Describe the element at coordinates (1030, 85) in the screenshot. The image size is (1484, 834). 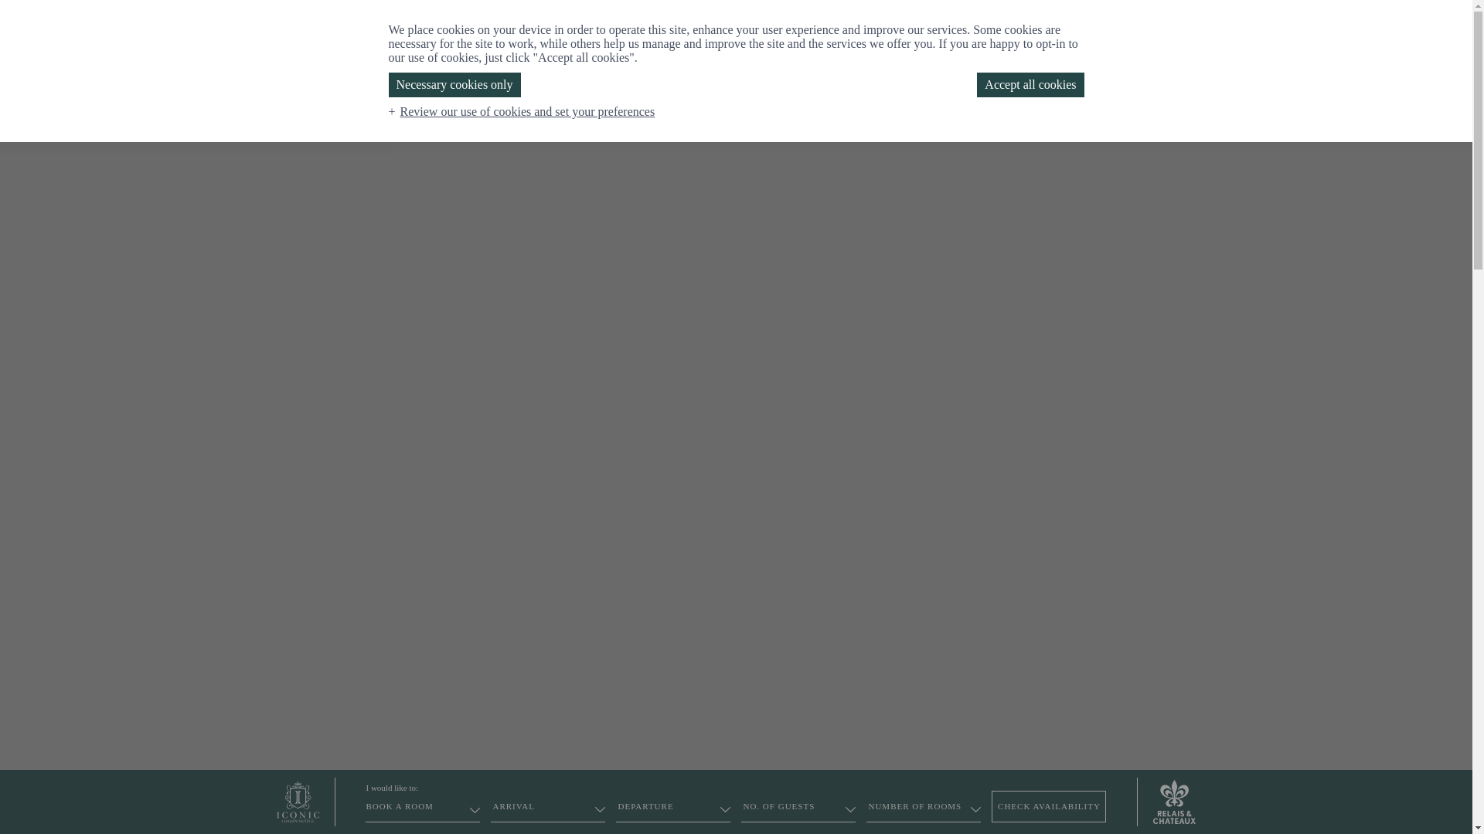
I see `'Accept all cookies'` at that location.